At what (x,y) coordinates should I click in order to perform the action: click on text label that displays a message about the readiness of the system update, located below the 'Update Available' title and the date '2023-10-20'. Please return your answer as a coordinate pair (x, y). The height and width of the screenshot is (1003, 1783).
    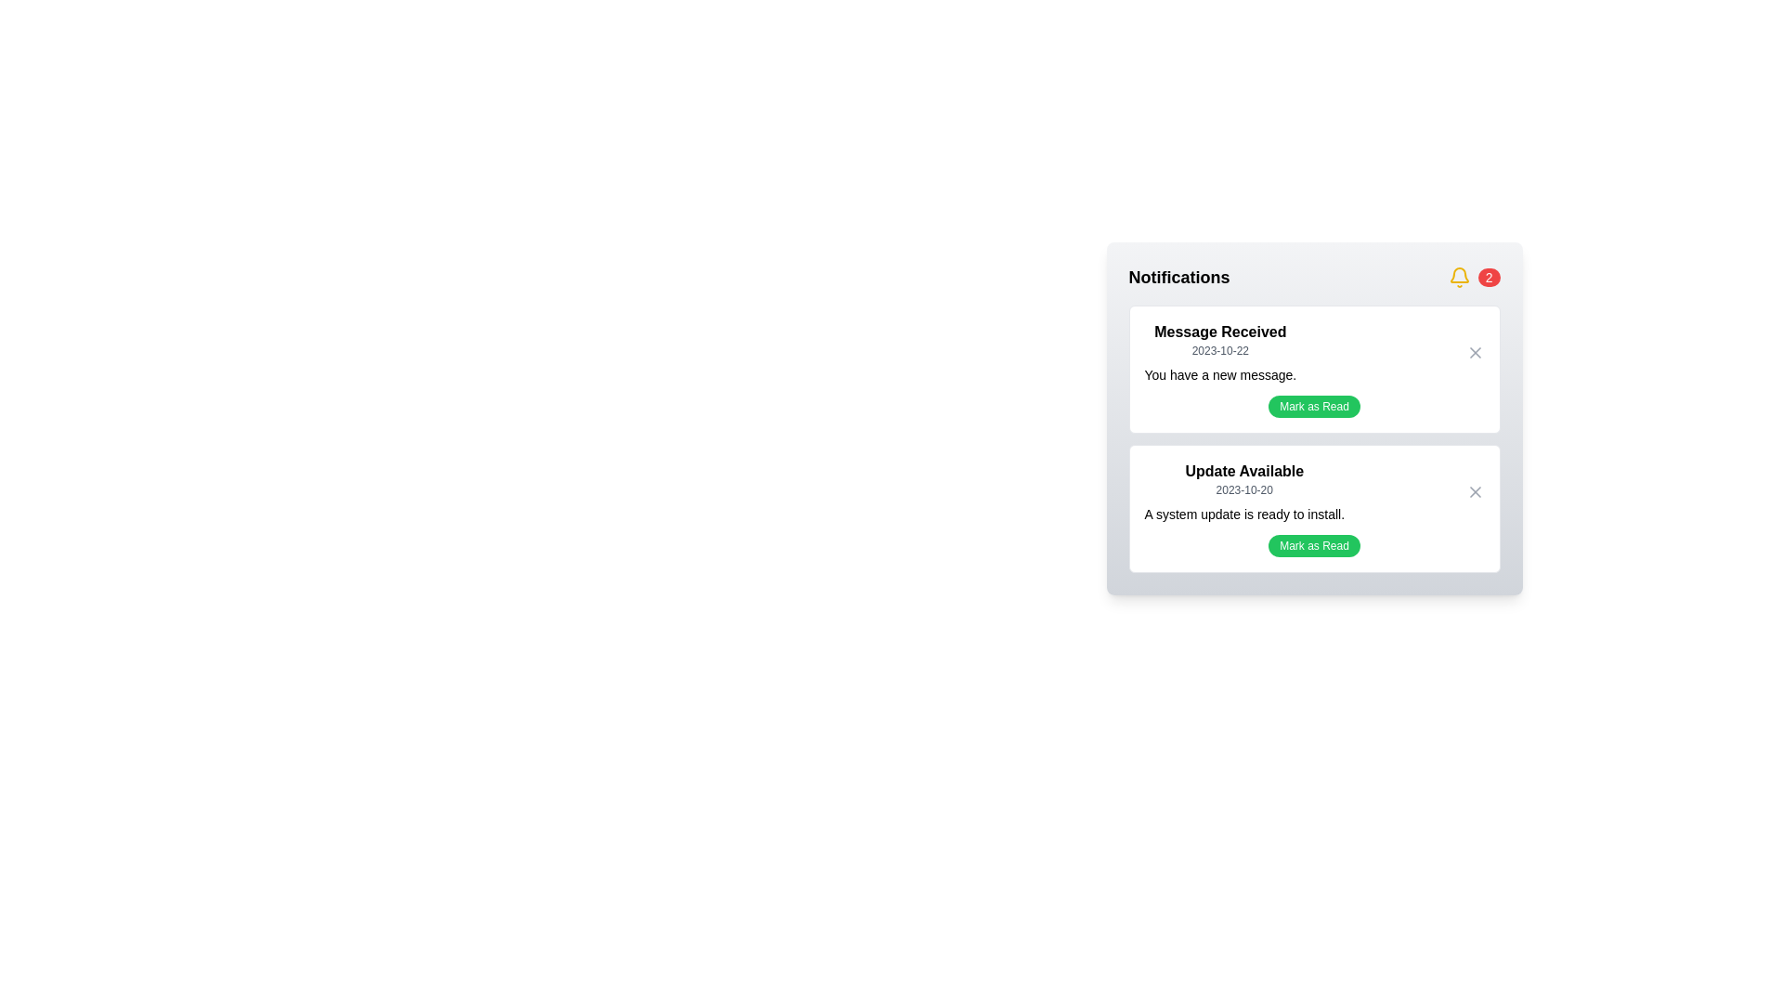
    Looking at the image, I should click on (1244, 515).